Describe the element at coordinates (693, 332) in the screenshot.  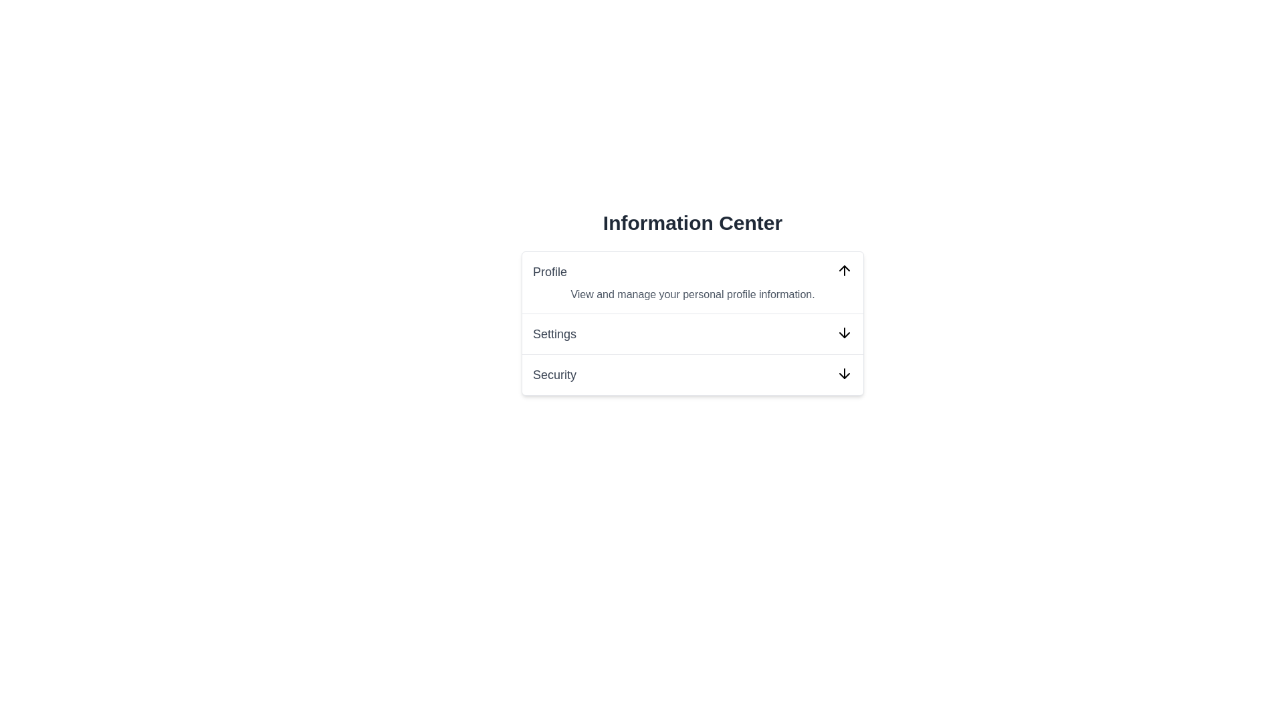
I see `the 'Settings' button located in the 'Information Center' section` at that location.